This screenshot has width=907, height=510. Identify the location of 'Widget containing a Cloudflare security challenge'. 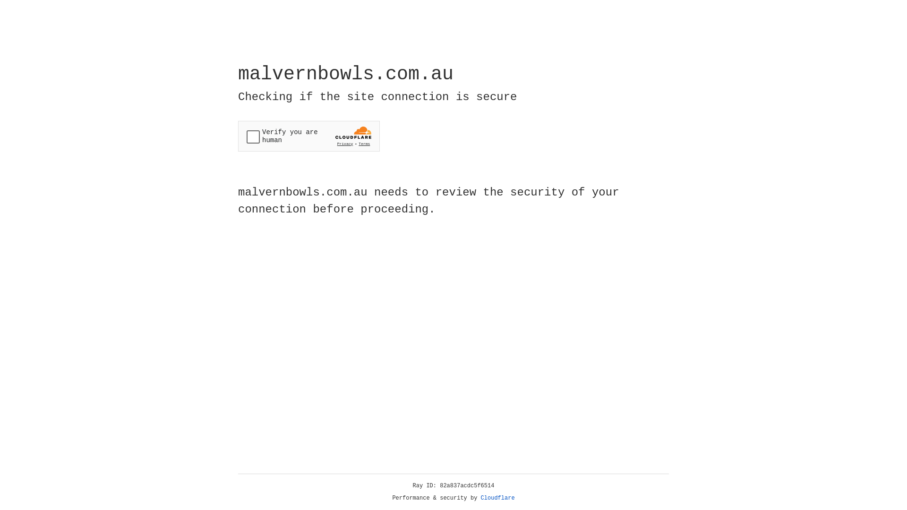
(308, 136).